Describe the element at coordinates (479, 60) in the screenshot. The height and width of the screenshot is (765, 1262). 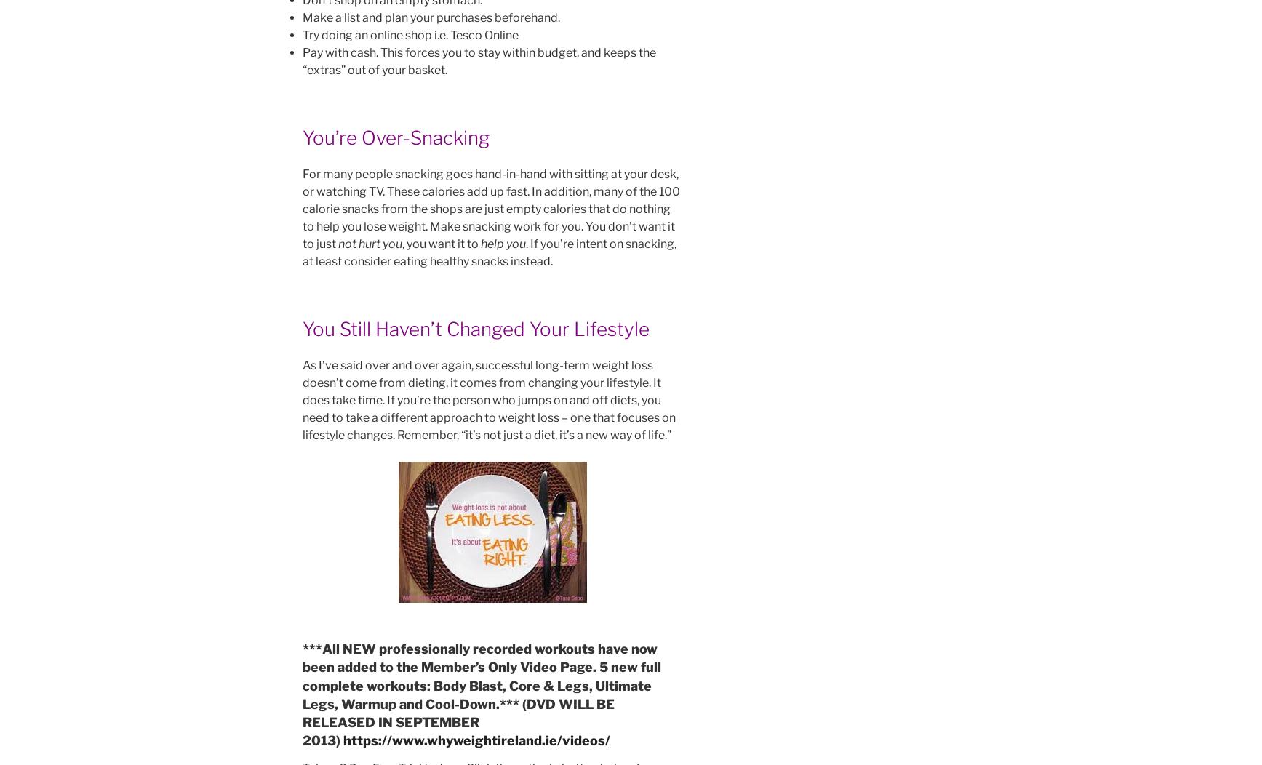
I see `'Pay with cash. This forces you to stay within budget, and keeps the “extras” out of your basket.'` at that location.